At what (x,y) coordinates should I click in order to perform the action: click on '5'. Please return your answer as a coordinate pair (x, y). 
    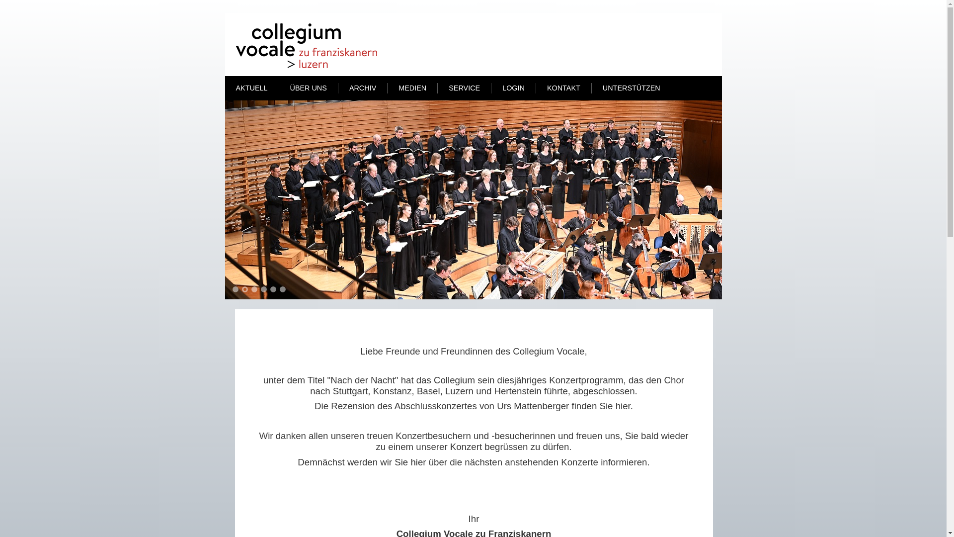
    Looking at the image, I should click on (273, 289).